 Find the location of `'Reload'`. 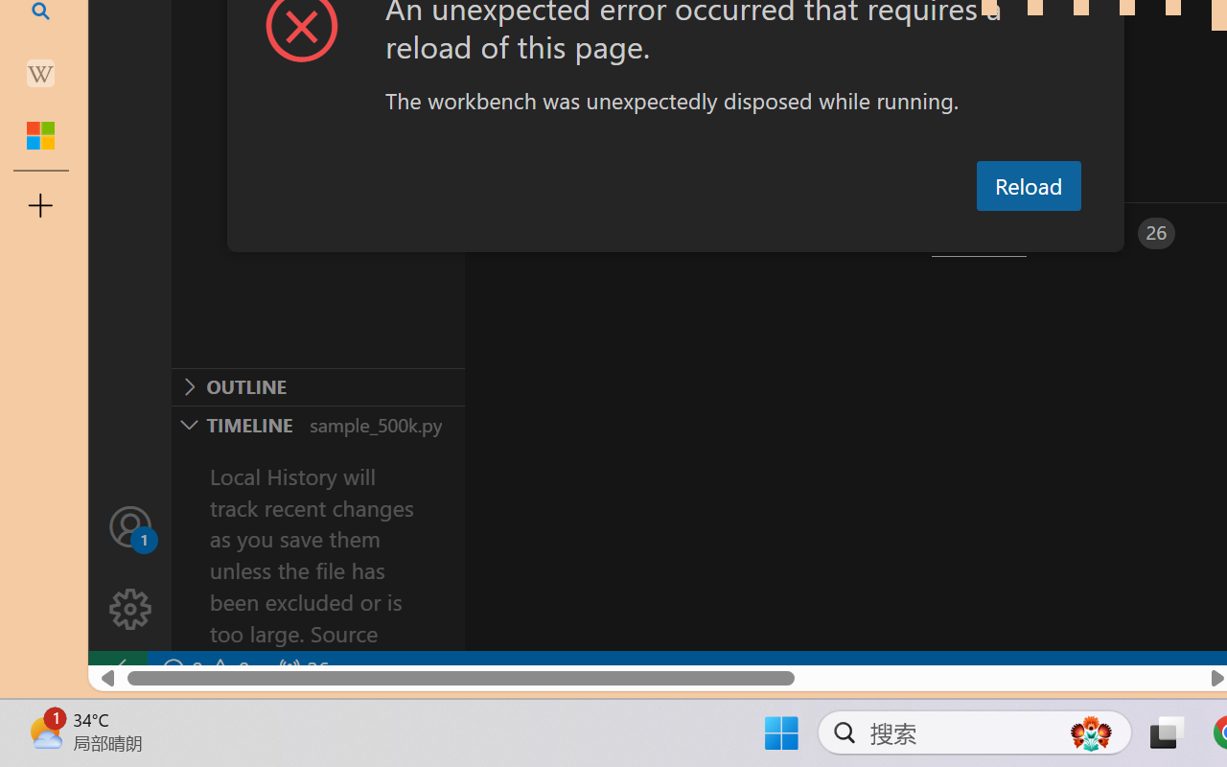

'Reload' is located at coordinates (1027, 184).